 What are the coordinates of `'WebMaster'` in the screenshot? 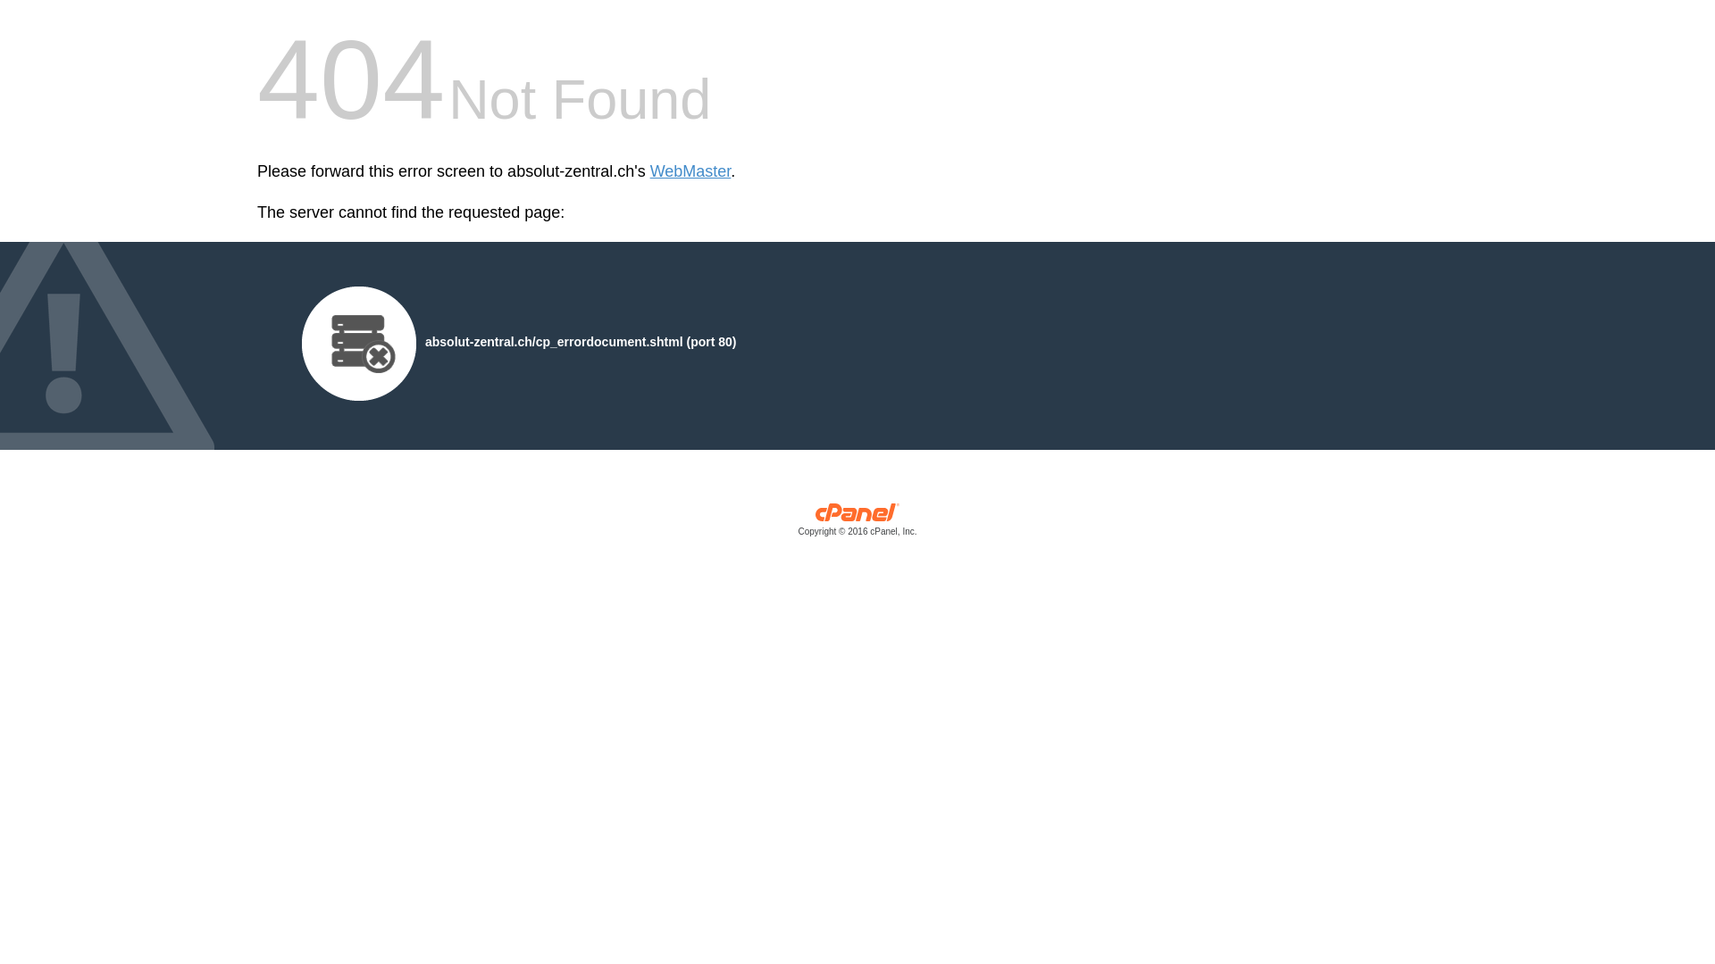 It's located at (690, 171).